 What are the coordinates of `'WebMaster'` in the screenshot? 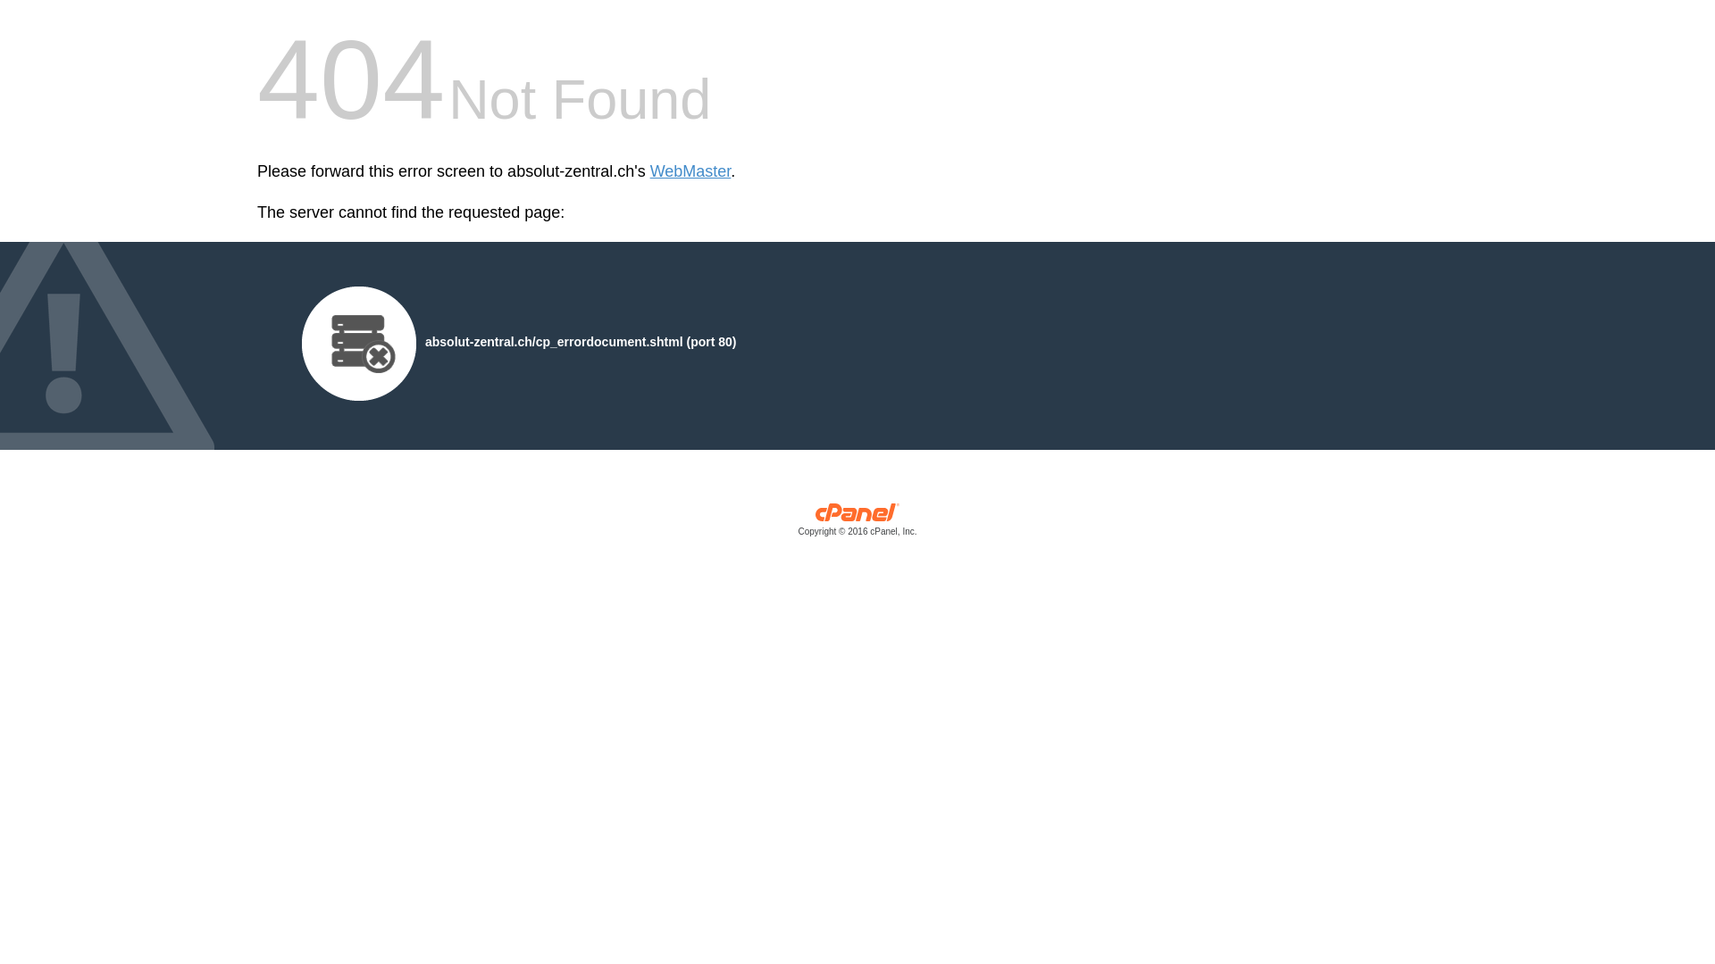 It's located at (690, 171).